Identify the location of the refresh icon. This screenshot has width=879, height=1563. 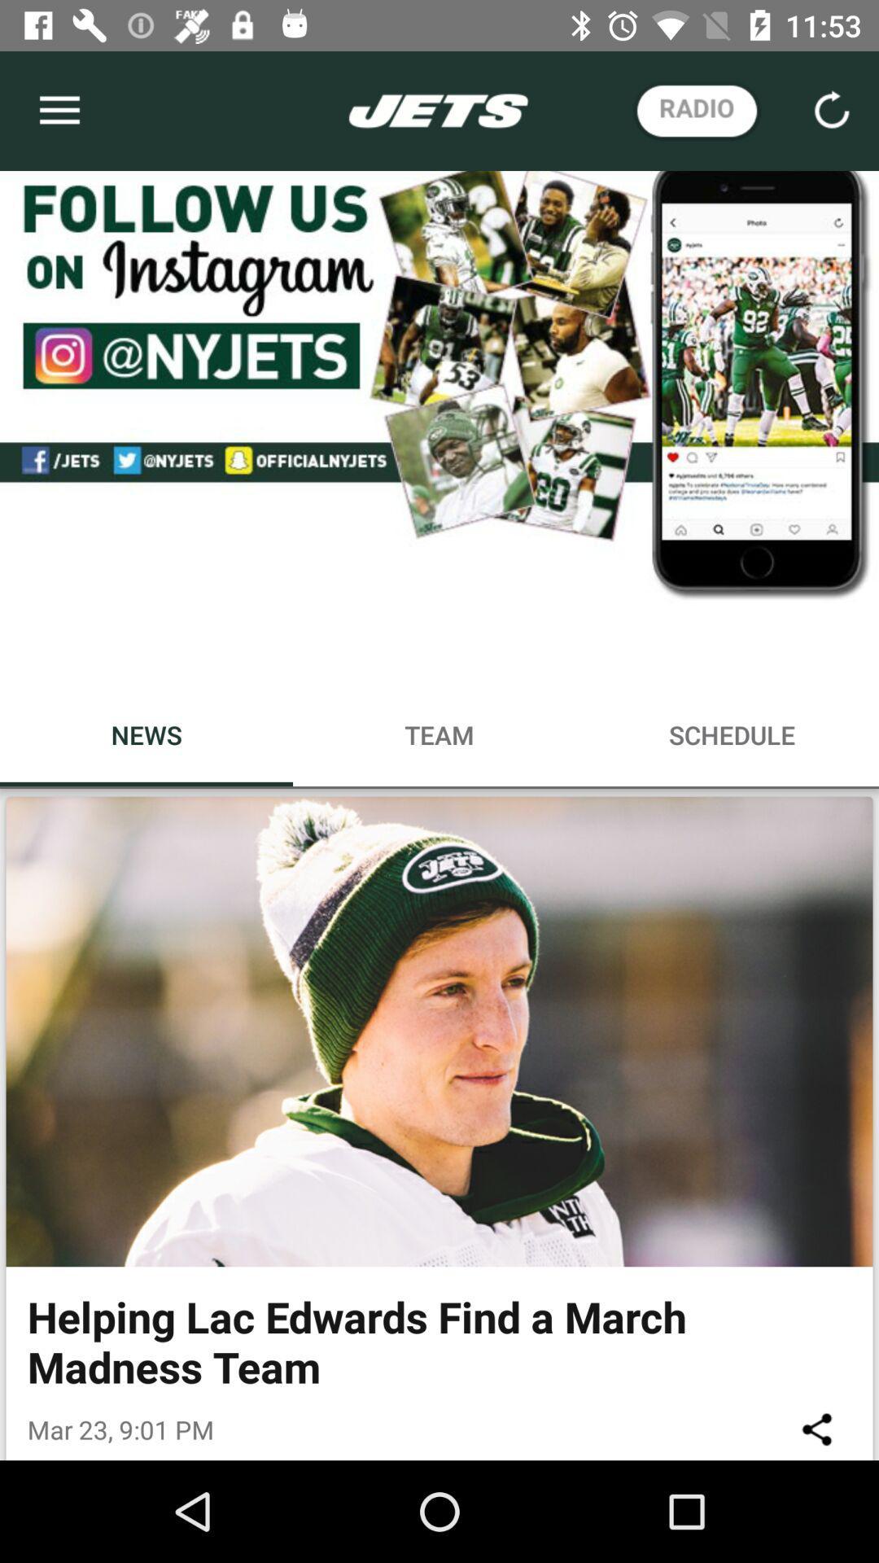
(832, 110).